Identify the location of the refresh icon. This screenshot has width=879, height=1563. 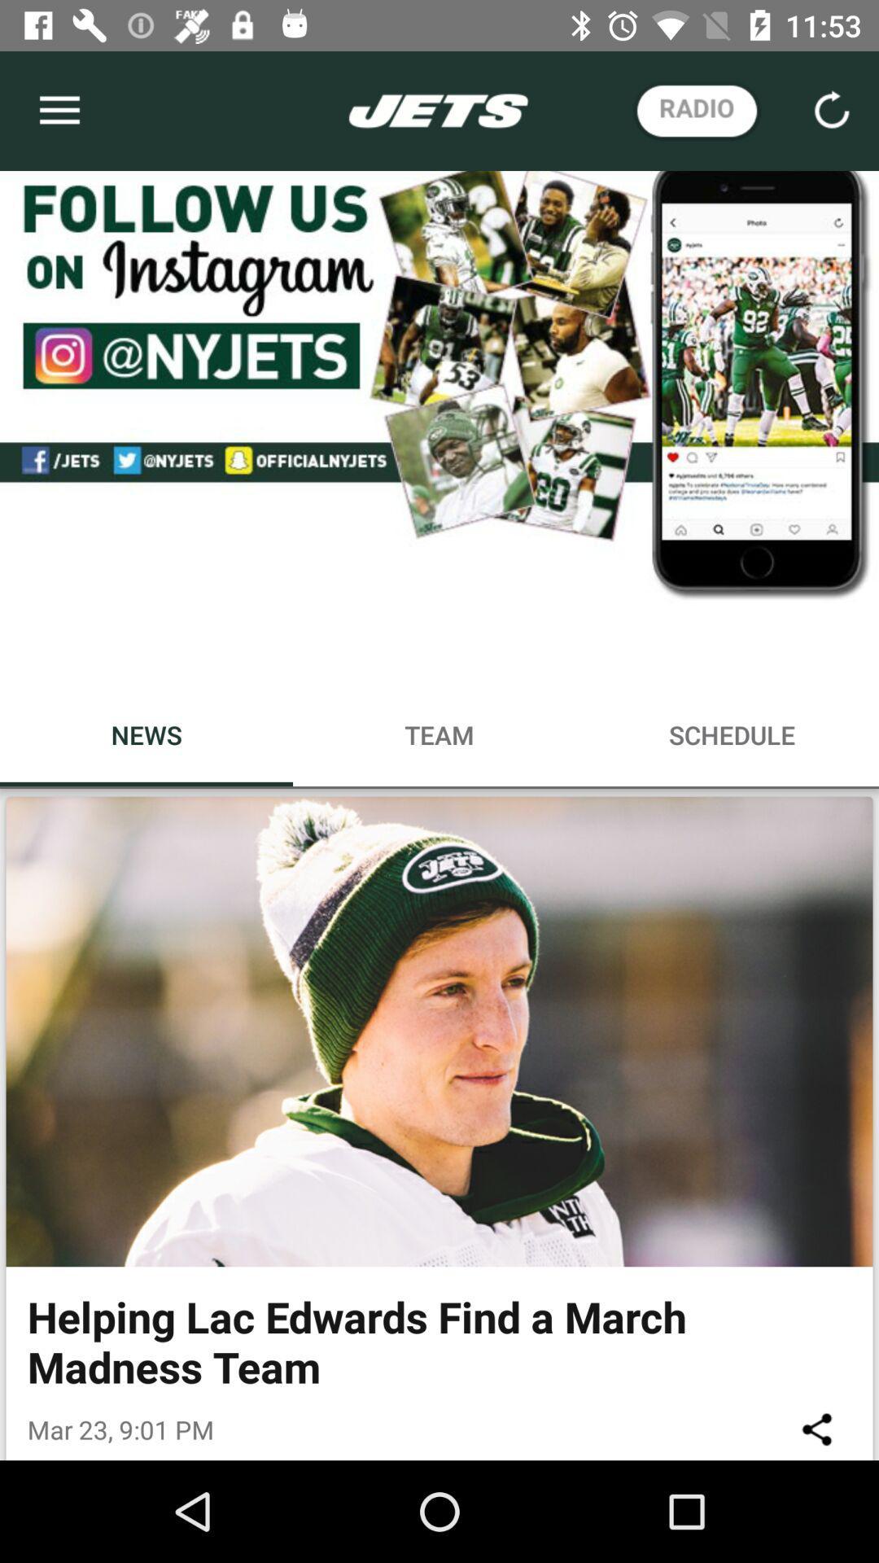
(832, 110).